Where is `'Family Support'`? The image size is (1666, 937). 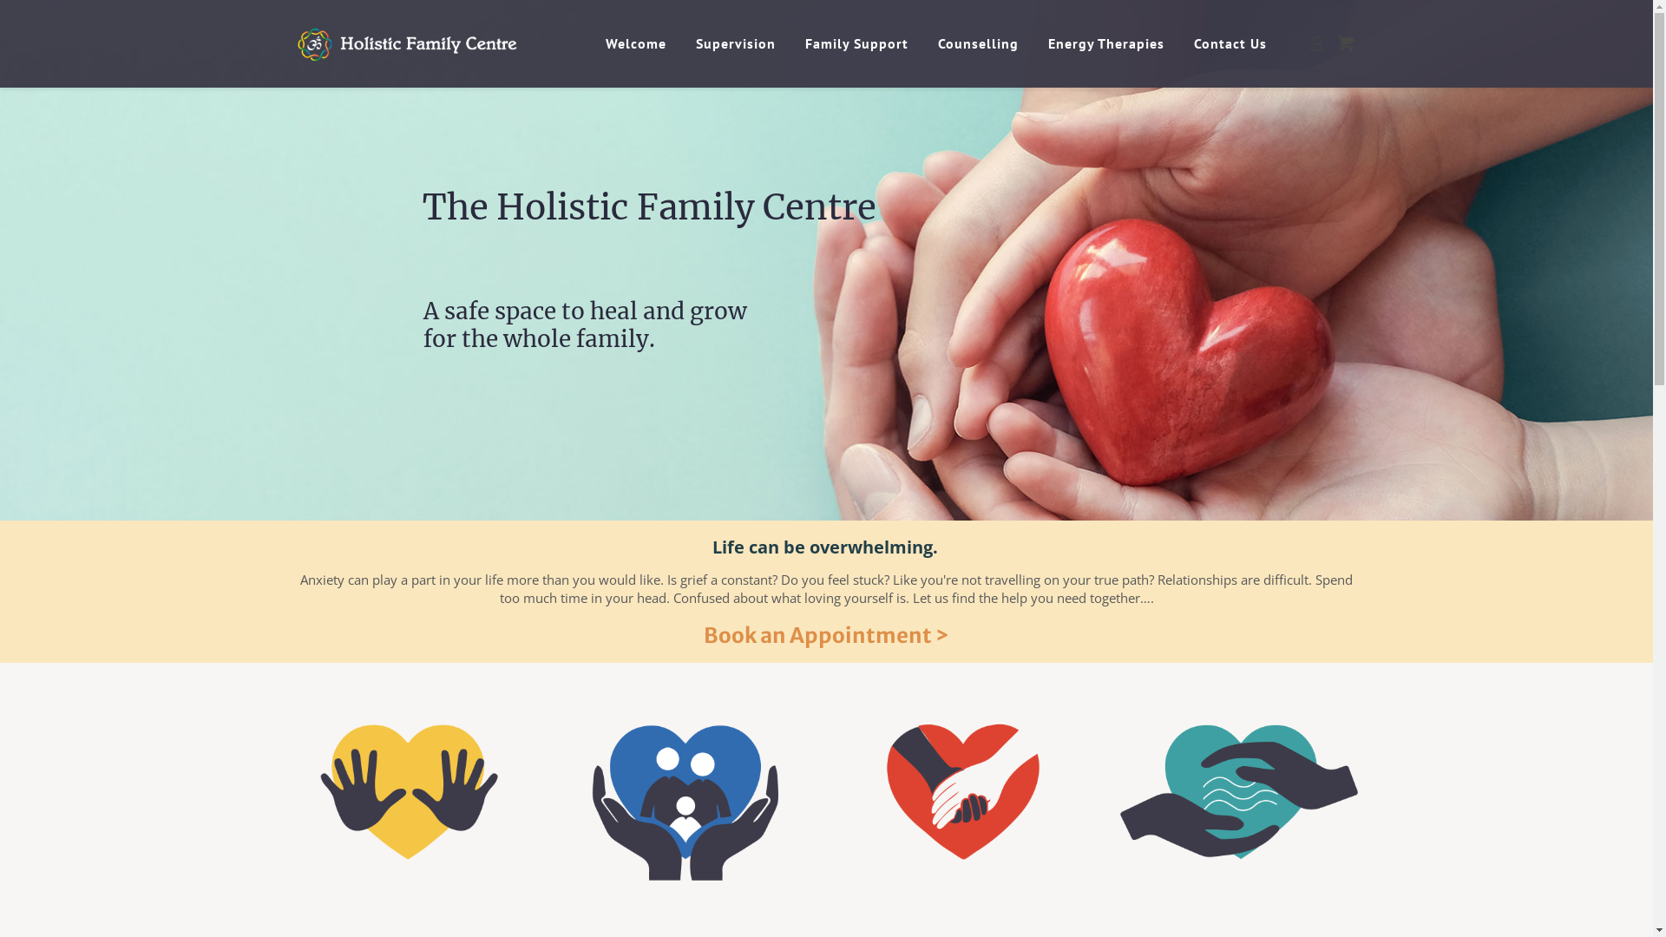 'Family Support' is located at coordinates (859, 43).